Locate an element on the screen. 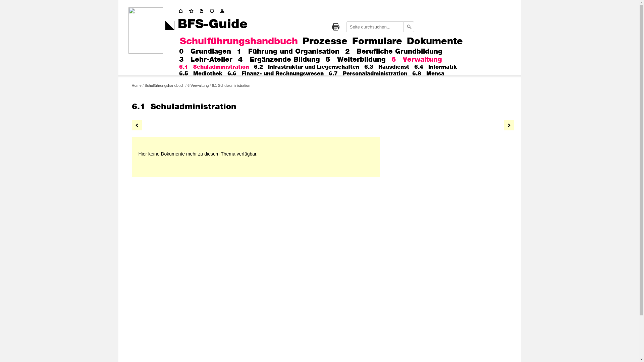  '6.1   Schuladministration' is located at coordinates (214, 67).